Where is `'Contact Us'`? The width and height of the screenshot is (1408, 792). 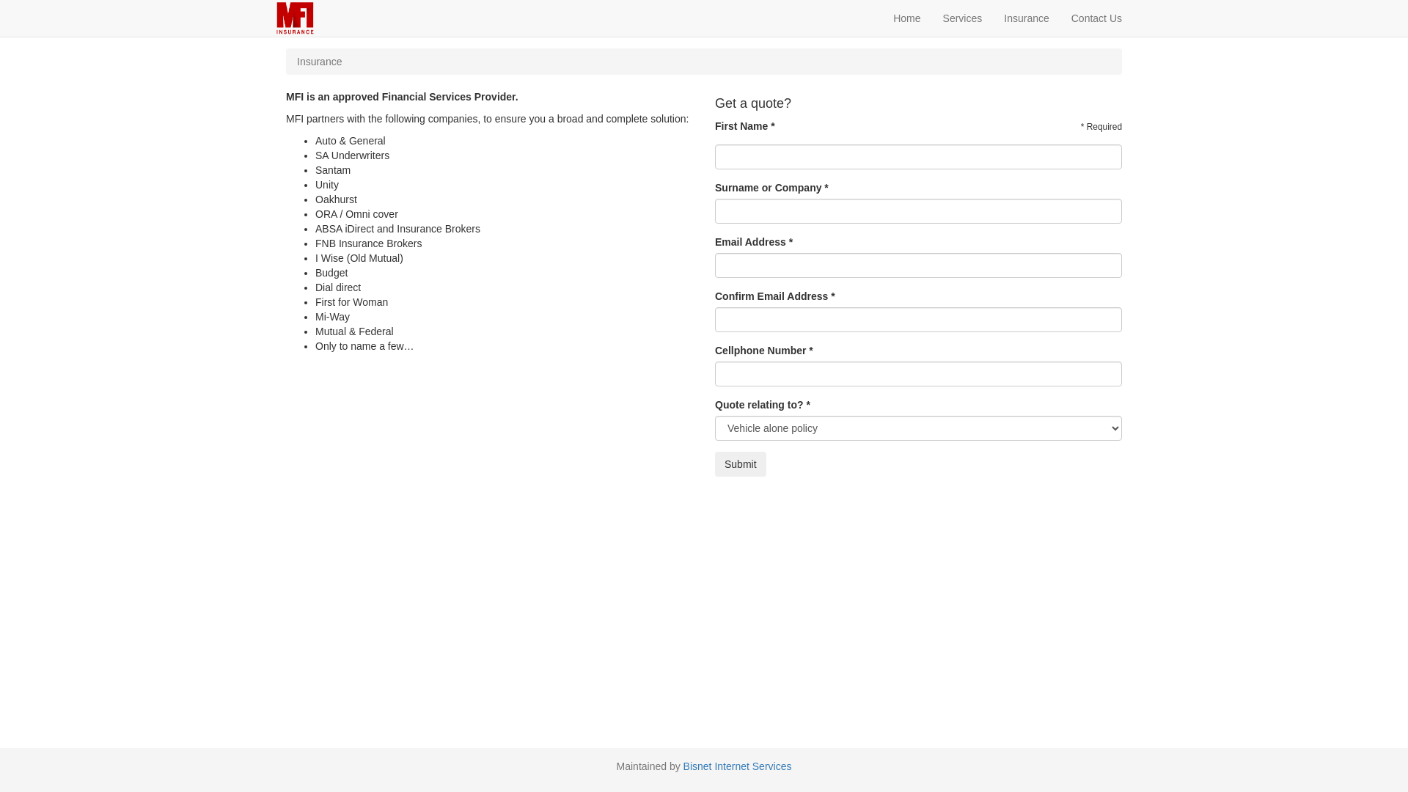 'Contact Us' is located at coordinates (1096, 18).